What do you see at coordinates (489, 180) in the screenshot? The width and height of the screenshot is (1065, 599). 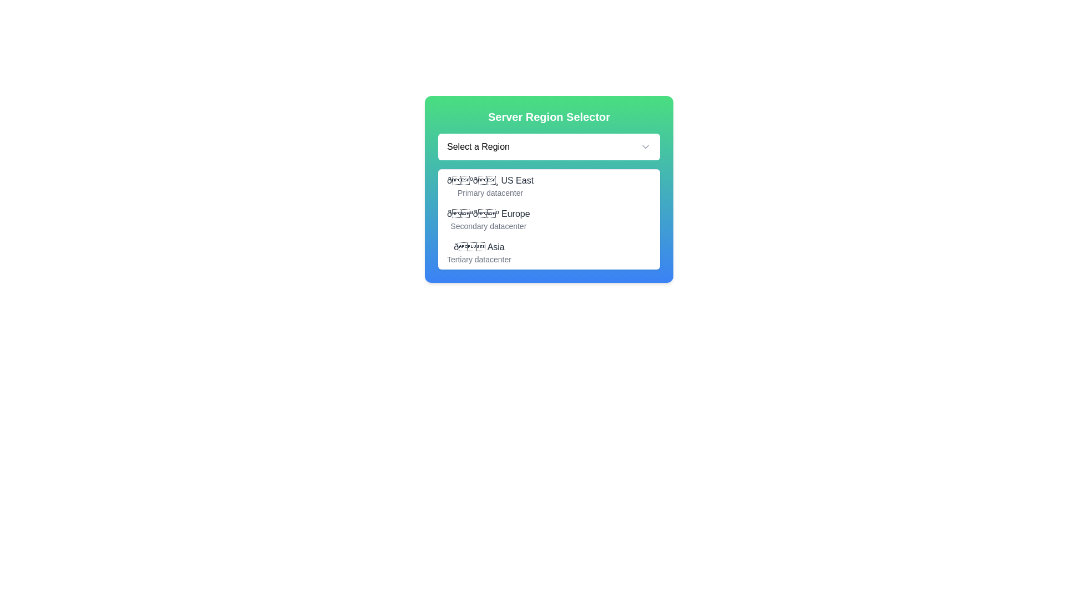 I see `the dropdown option labeled '🇺🇸 US East'` at bounding box center [489, 180].